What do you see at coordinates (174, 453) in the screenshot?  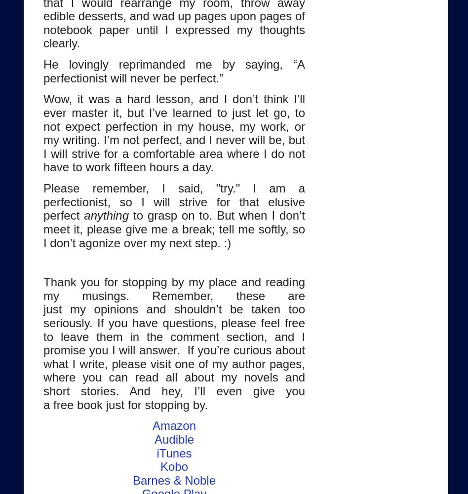 I see `'iTunes'` at bounding box center [174, 453].